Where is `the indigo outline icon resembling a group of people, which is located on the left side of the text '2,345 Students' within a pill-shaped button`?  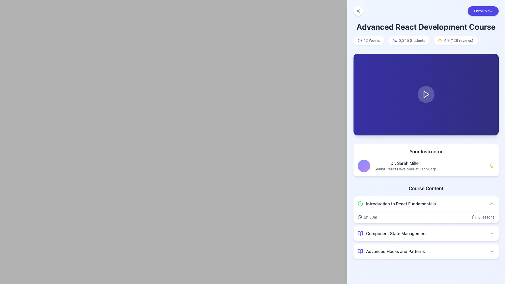
the indigo outline icon resembling a group of people, which is located on the left side of the text '2,345 Students' within a pill-shaped button is located at coordinates (395, 40).